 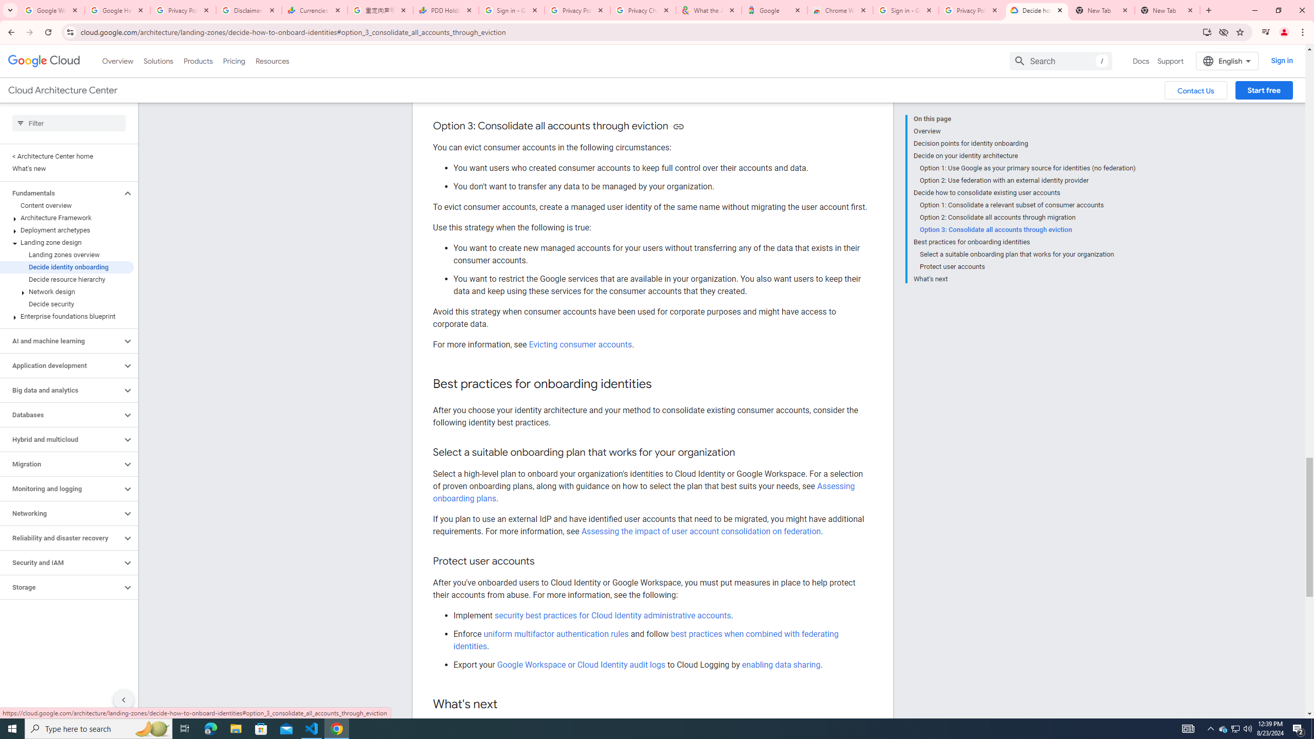 I want to click on 'Copy link to this section: What', so click(x=508, y=704).